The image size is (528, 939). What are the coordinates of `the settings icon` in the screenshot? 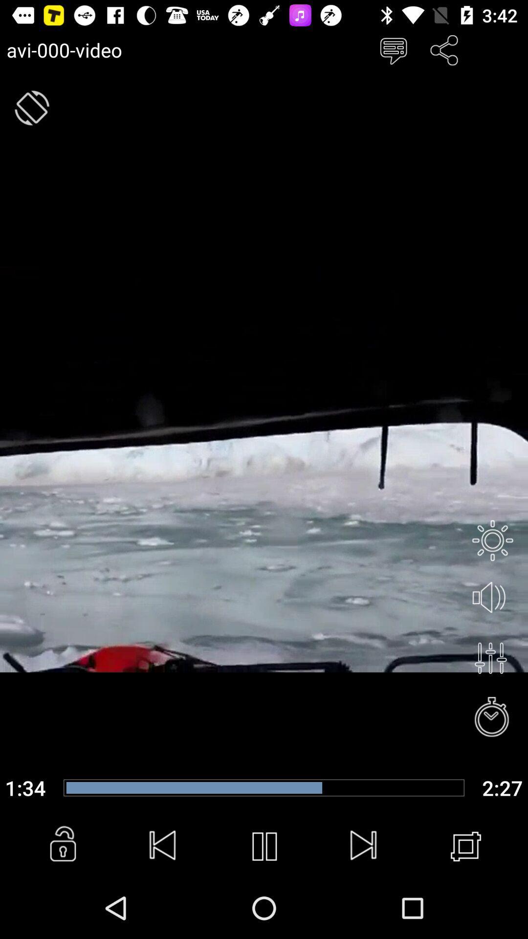 It's located at (492, 540).